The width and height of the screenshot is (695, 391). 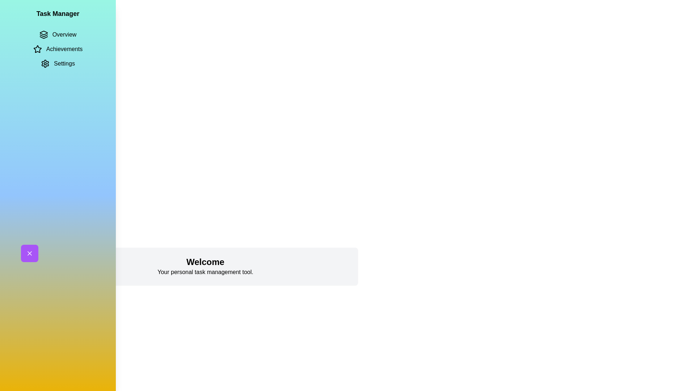 What do you see at coordinates (205, 262) in the screenshot?
I see `the greeting text label that introduces the user to the application, positioned above the text element stating 'Your personal task management tool.'` at bounding box center [205, 262].